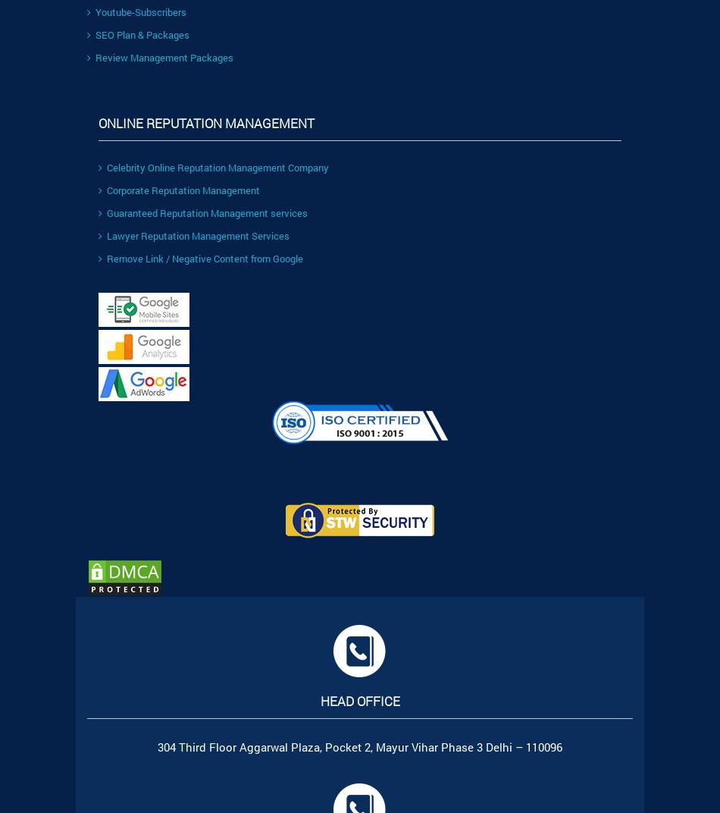 The width and height of the screenshot is (720, 813). I want to click on 'Corporate Reputation Management', so click(106, 189).